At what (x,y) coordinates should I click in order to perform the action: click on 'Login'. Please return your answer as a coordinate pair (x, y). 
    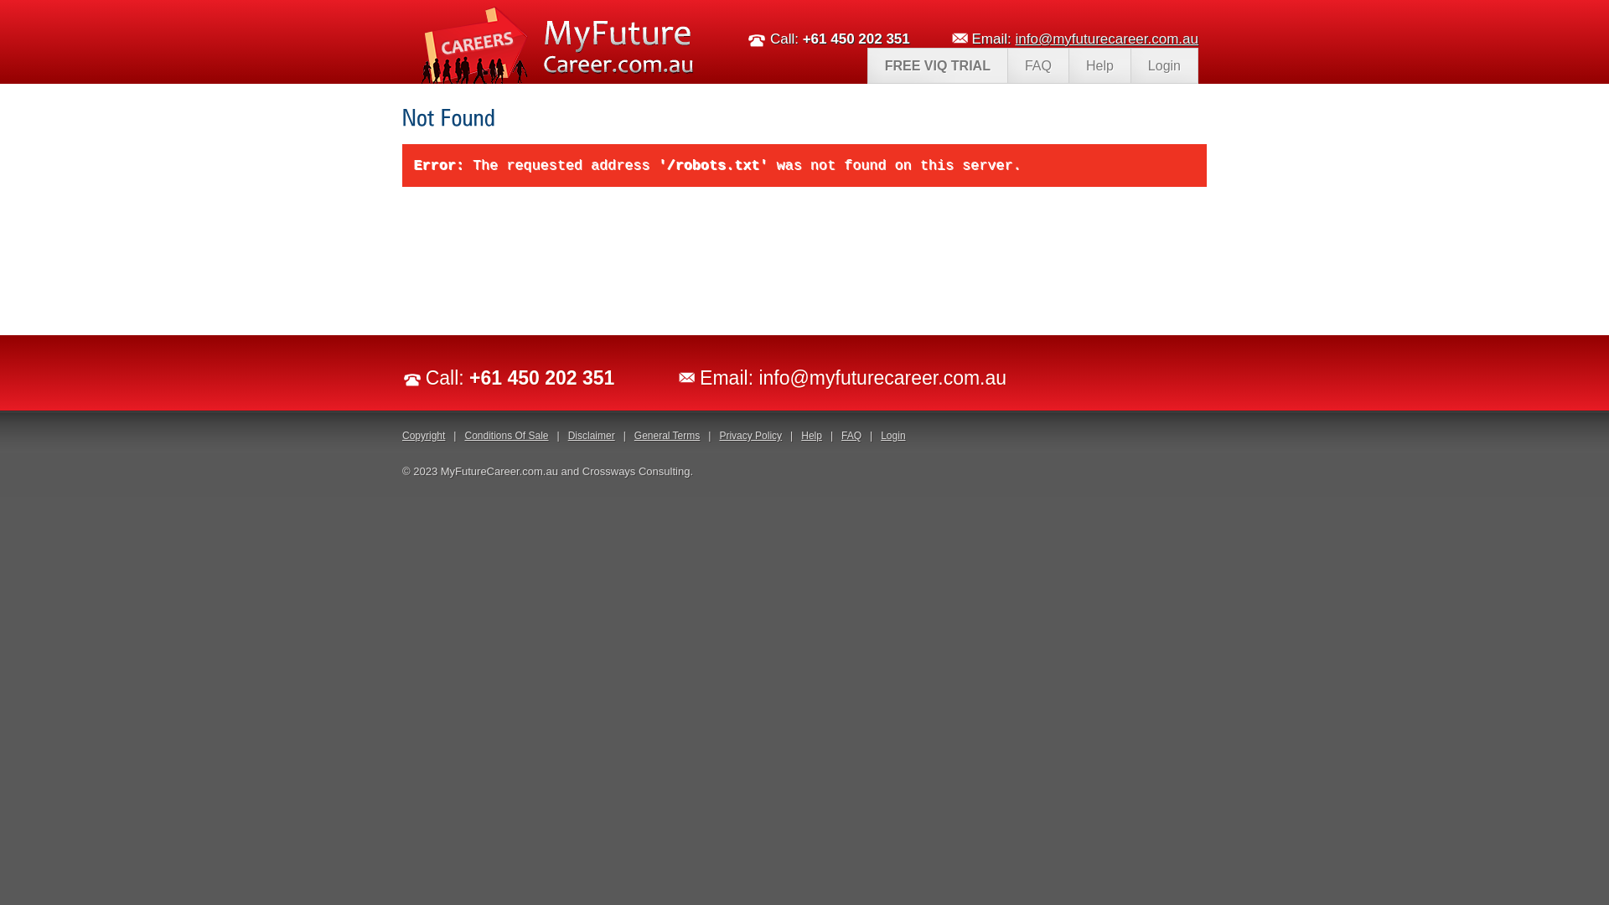
    Looking at the image, I should click on (892, 435).